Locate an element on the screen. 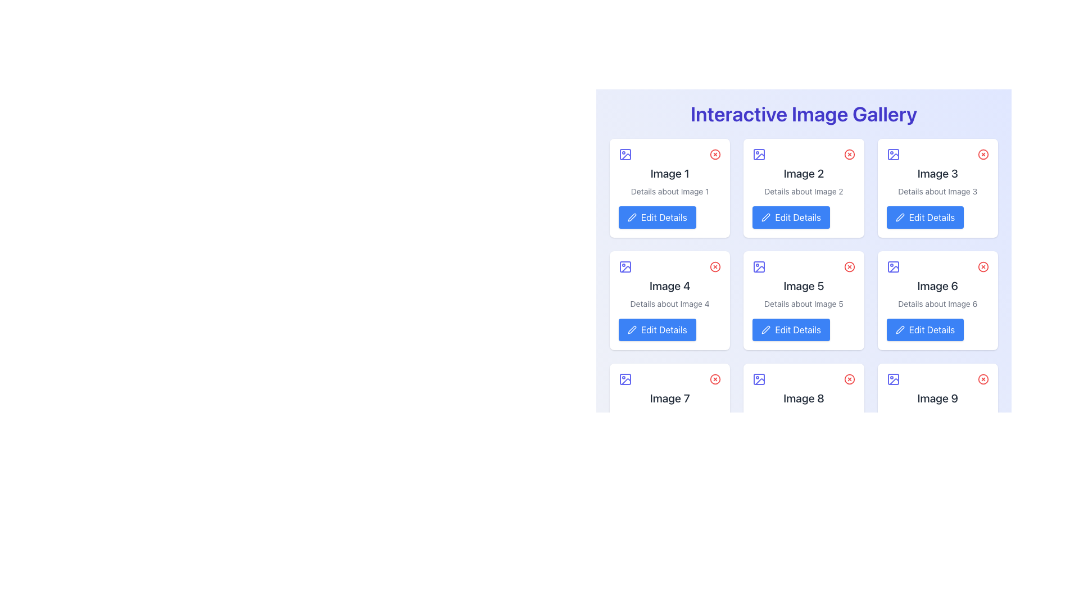 This screenshot has width=1079, height=607. the edit button located at the bottom section of the card labeled 'Image 2' to initiate the edit function is located at coordinates (791, 217).